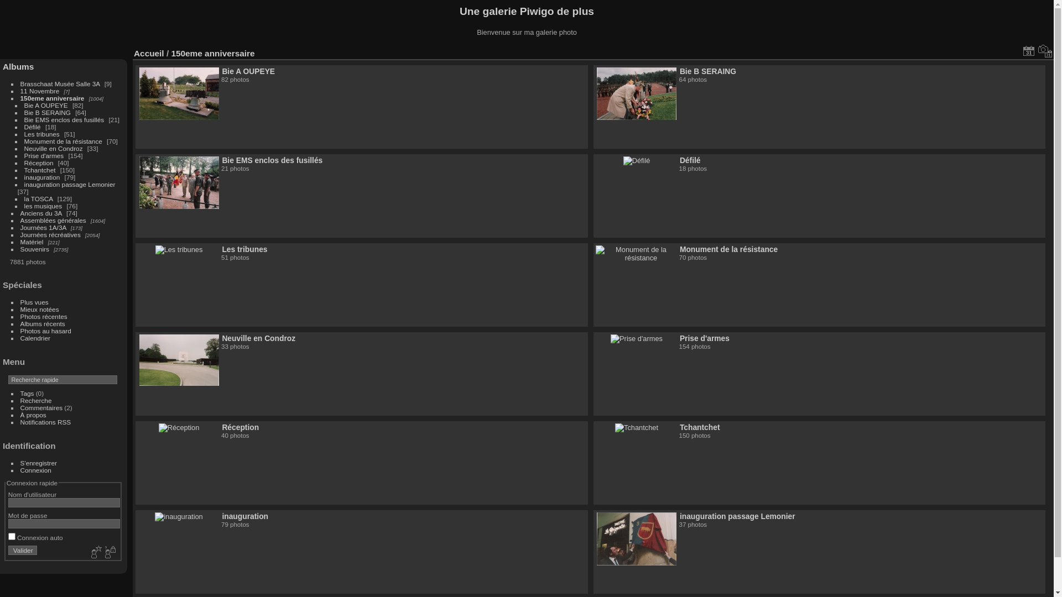 The image size is (1062, 597). What do you see at coordinates (35, 337) in the screenshot?
I see `'Calendrier'` at bounding box center [35, 337].